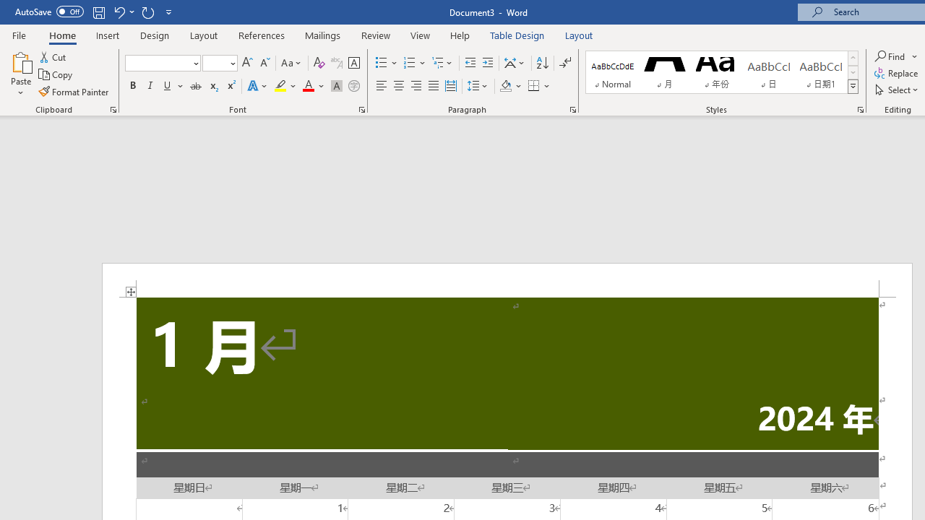 The image size is (925, 520). Describe the element at coordinates (307, 86) in the screenshot. I see `'Font Color RGB(255, 0, 0)'` at that location.